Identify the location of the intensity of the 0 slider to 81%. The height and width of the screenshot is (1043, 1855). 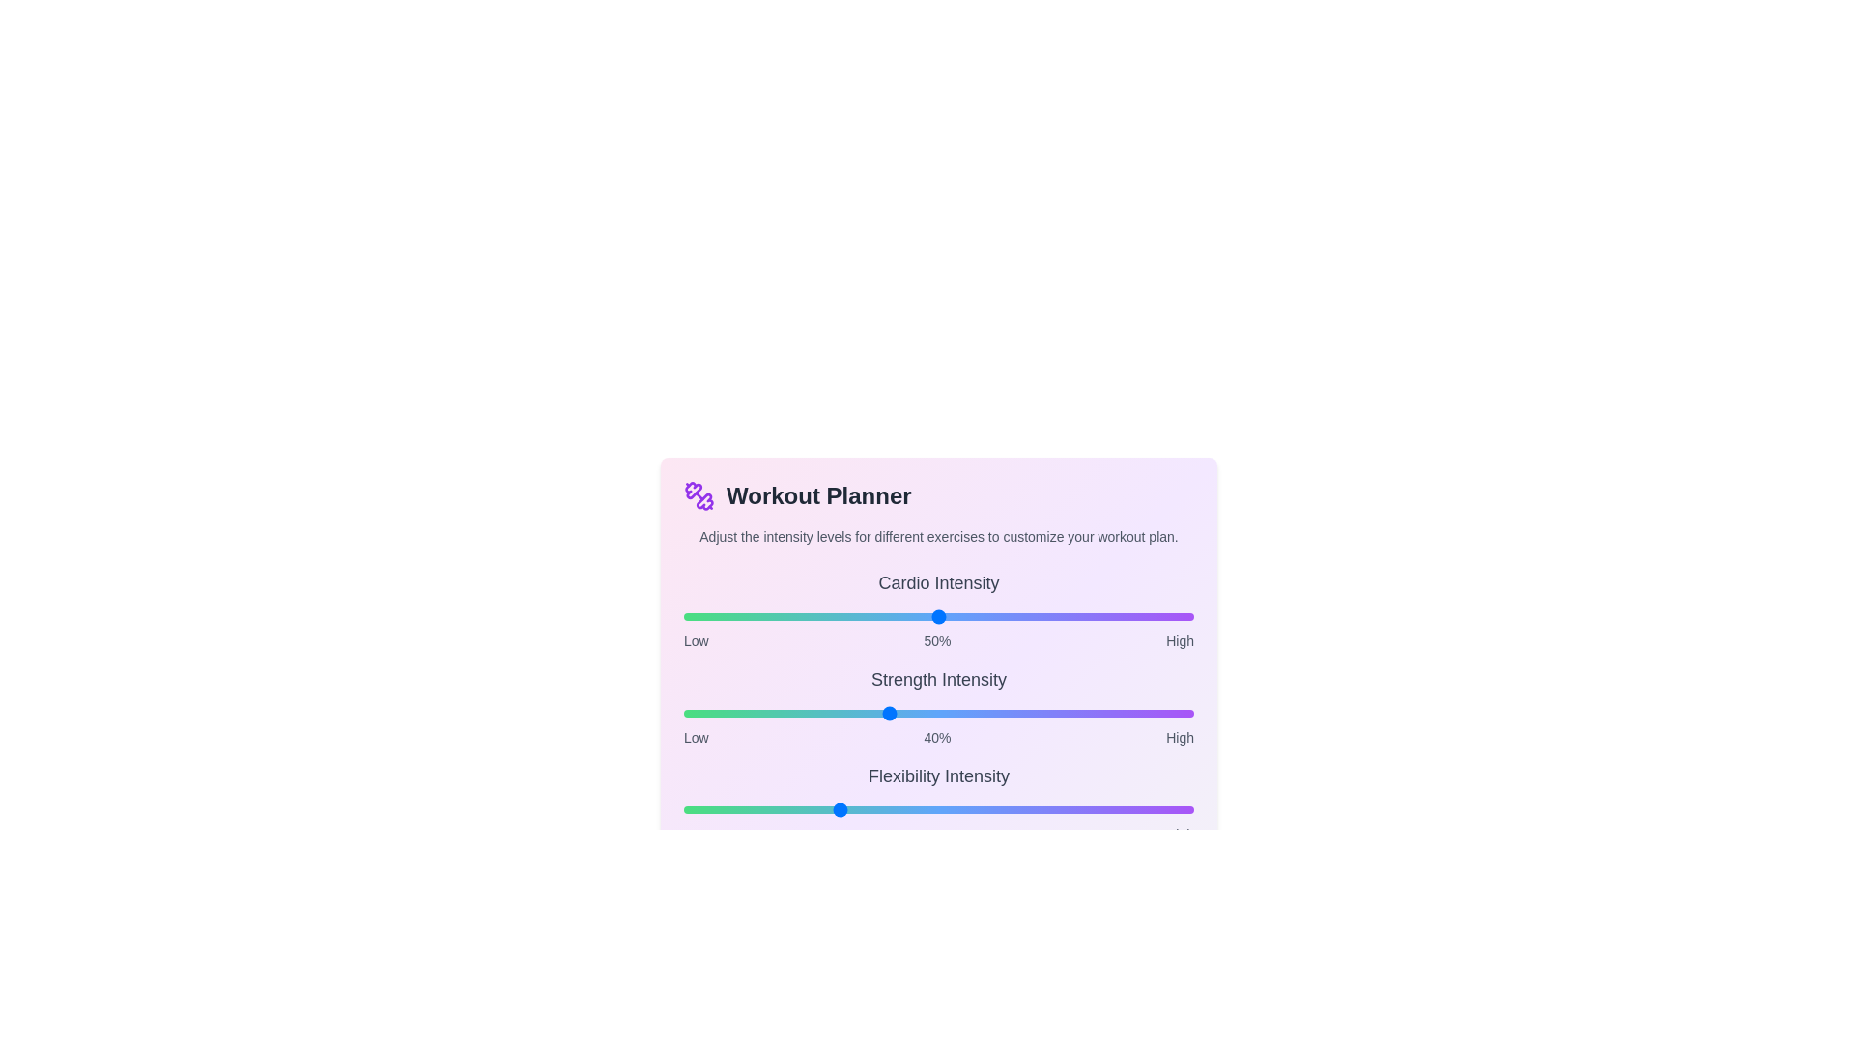
(1097, 617).